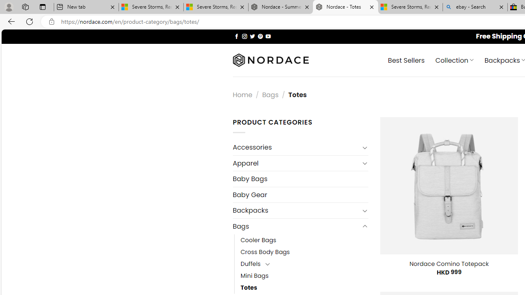 The image size is (525, 295). I want to click on 'Bags', so click(295, 226).